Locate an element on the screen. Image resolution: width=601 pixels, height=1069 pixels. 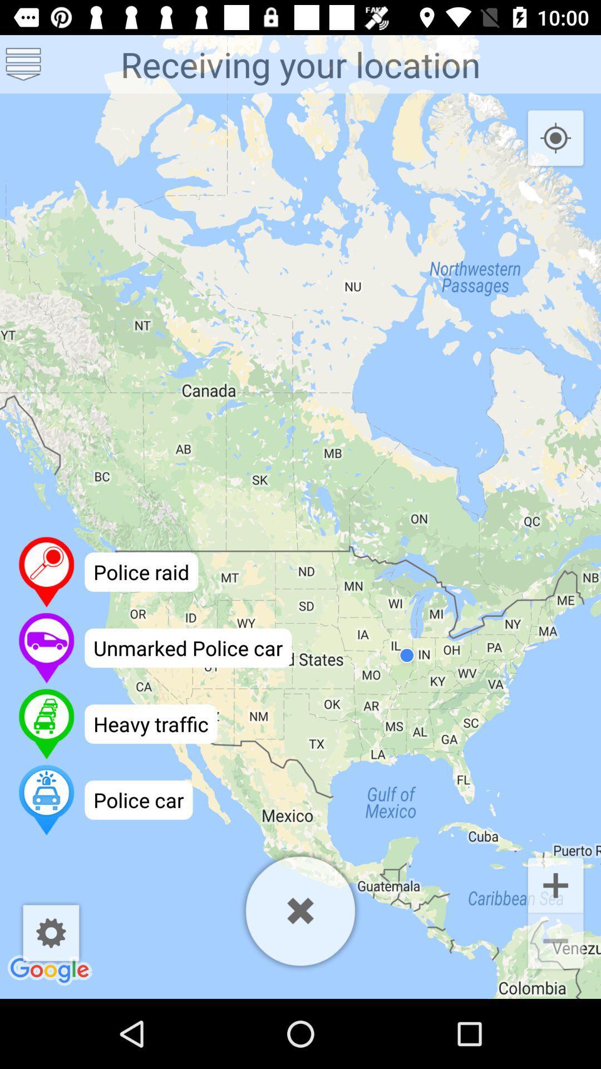
the map is located at coordinates (300, 911).